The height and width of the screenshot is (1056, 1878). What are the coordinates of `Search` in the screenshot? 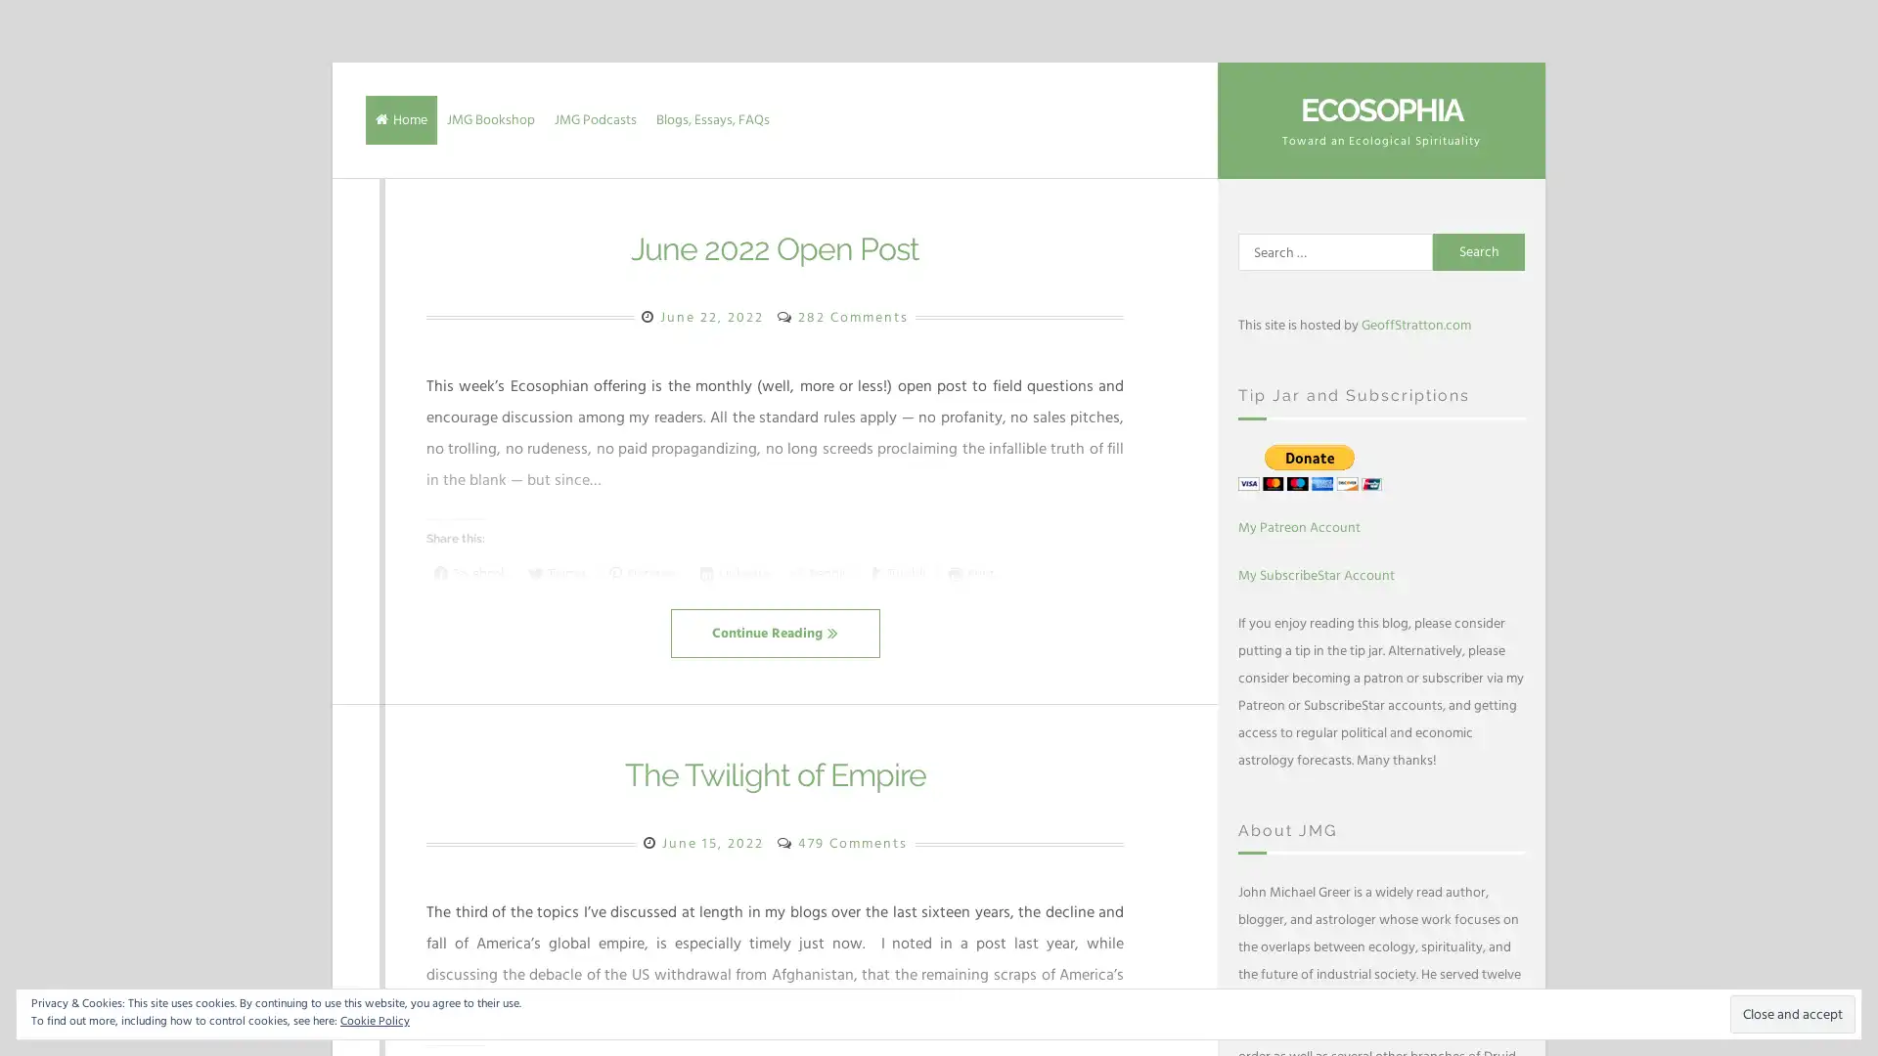 It's located at (1479, 251).